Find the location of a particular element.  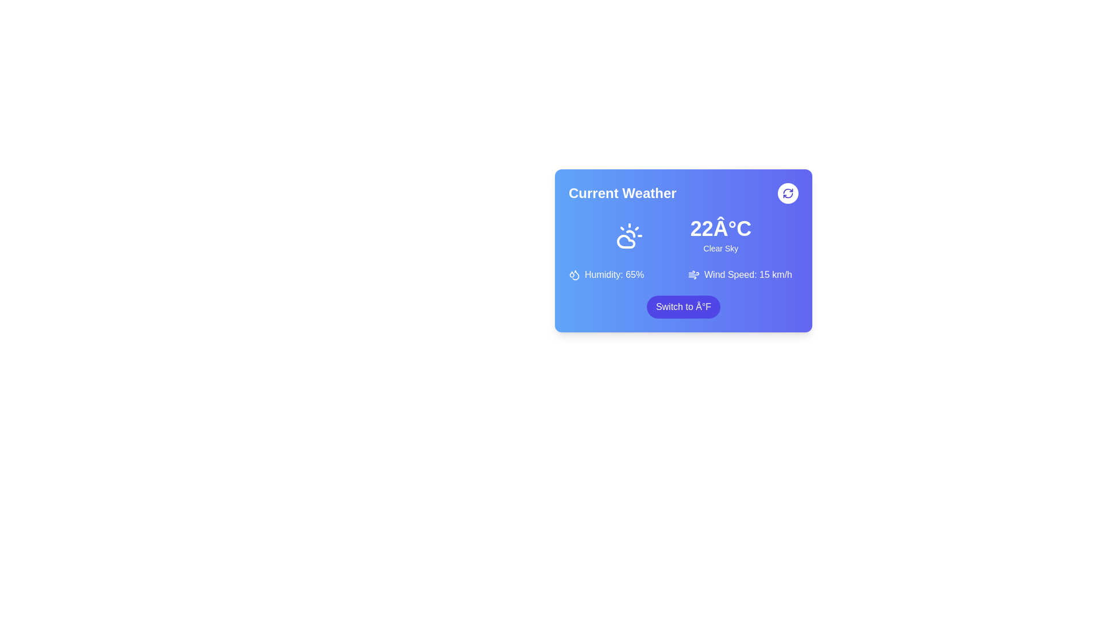

the text label displaying 'Wind Speed: 15 km/h' by moving the cursor to its center point is located at coordinates (748, 274).